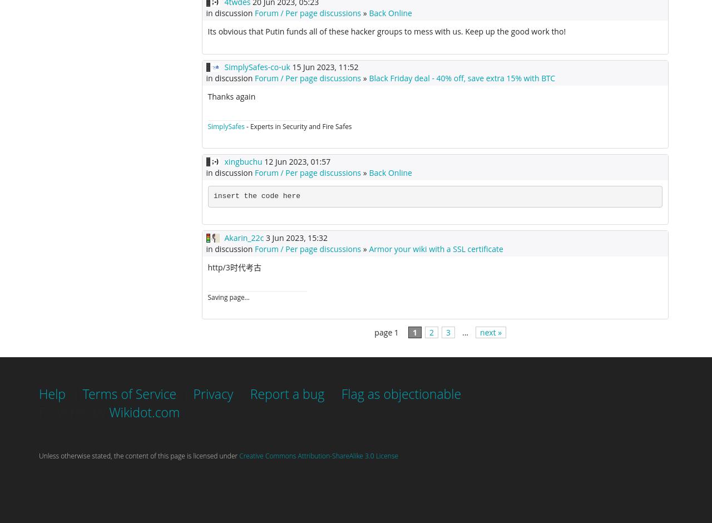 The height and width of the screenshot is (523, 712). I want to click on 'SimplySafes-co-uk', so click(223, 66).